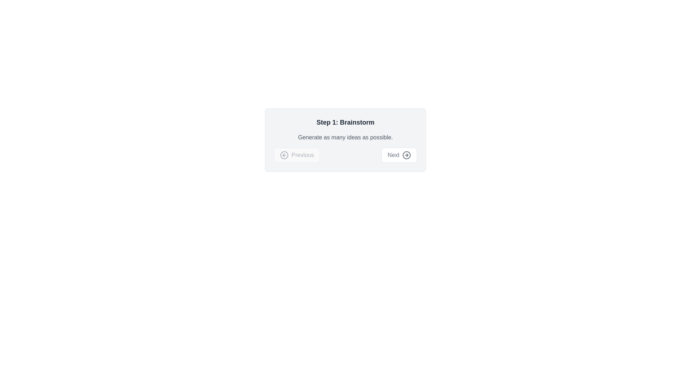 The height and width of the screenshot is (389, 691). Describe the element at coordinates (284, 155) in the screenshot. I see `the circular icon with a leftward-pointing arrow located within the 'Previous' button on the bottom-left corner of the interface box to receive additional visual feedback` at that location.